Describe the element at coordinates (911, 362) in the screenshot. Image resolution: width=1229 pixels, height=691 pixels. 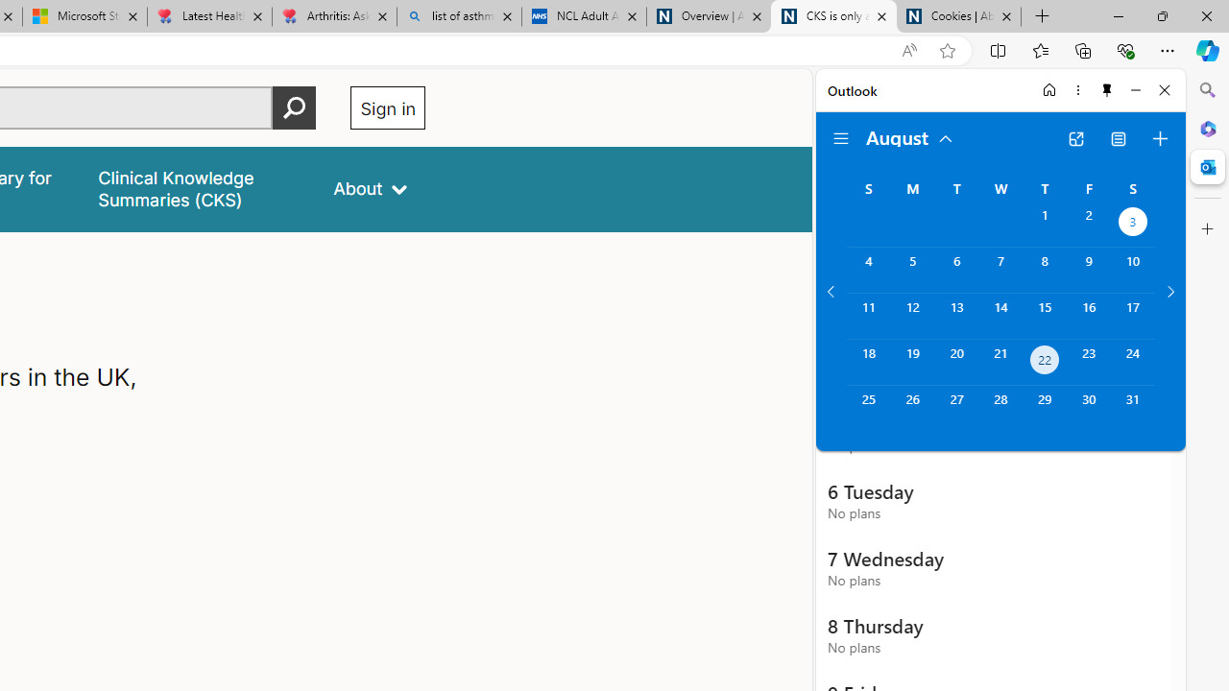
I see `'Monday, August 19, 2024. '` at that location.